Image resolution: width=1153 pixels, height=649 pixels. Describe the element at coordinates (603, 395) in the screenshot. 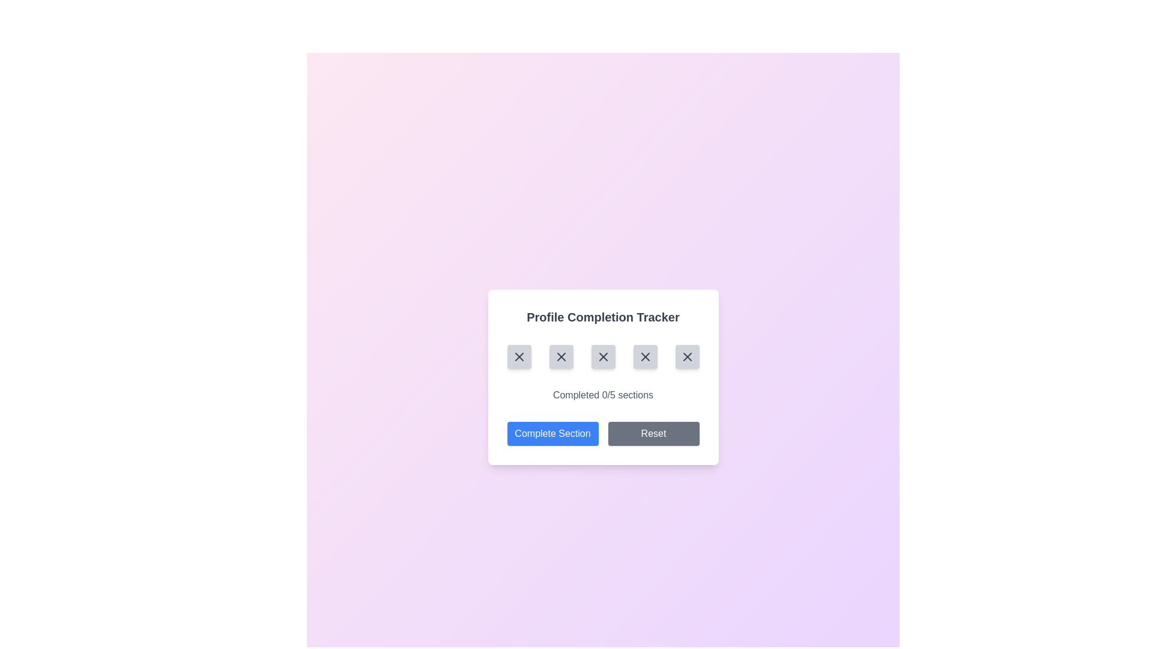

I see `the text label that informs the user about the completion progress of five sections, located within the 'Profile Completion Tracker' card, below the icons and above the 'Complete Section' and 'Reset' buttons` at that location.